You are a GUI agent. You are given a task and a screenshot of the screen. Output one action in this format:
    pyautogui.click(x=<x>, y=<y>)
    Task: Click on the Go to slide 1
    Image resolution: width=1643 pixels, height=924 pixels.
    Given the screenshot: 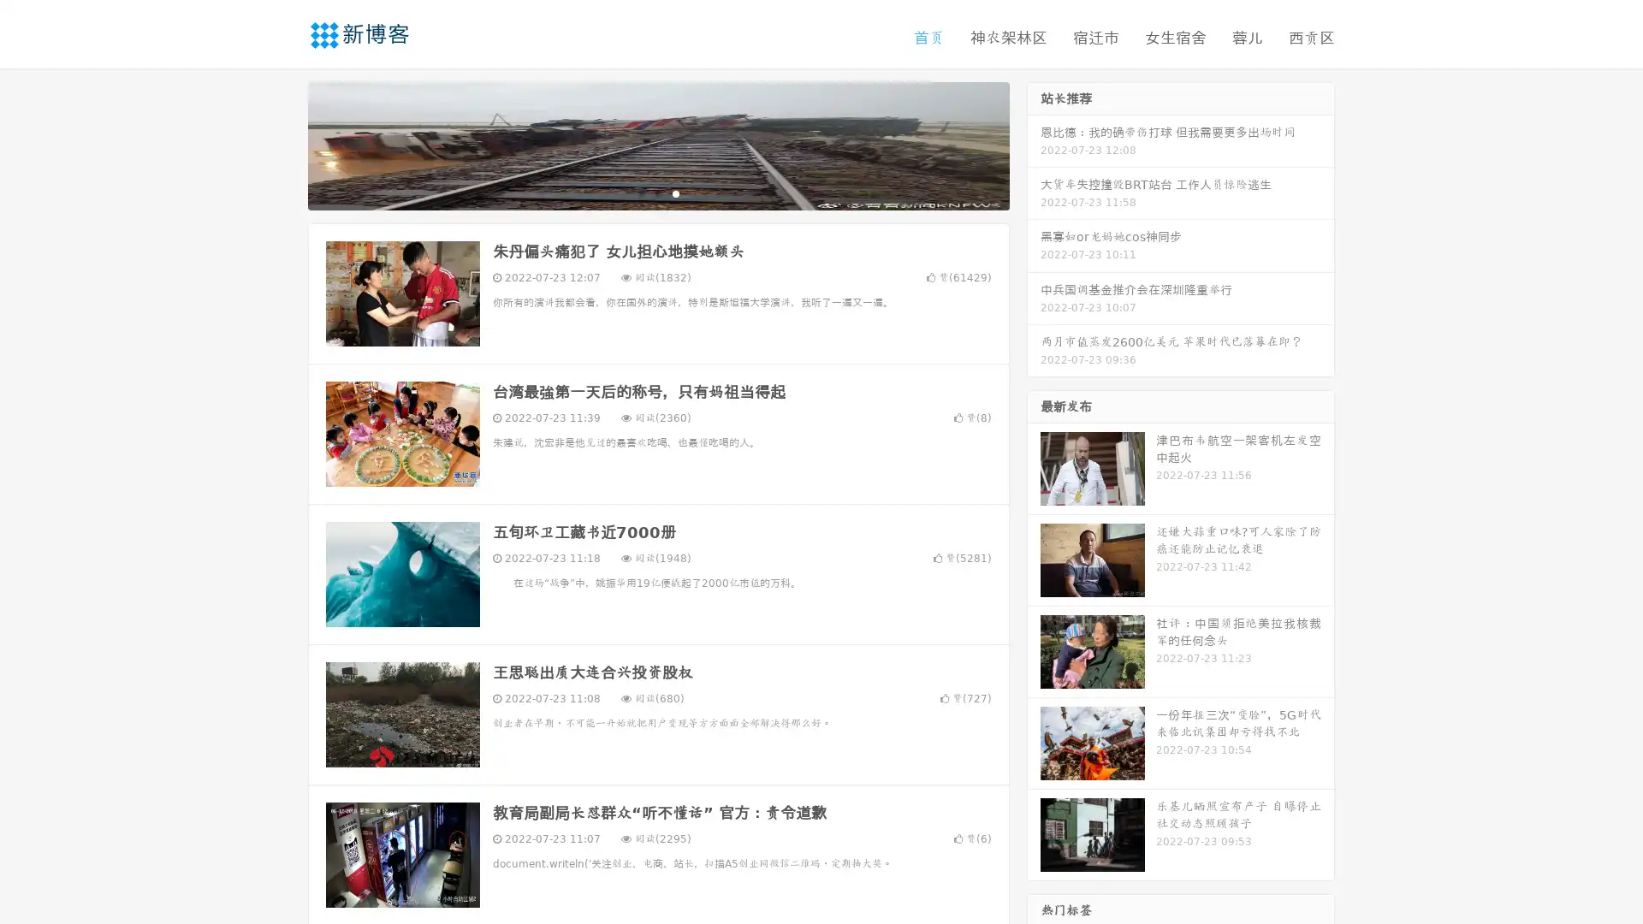 What is the action you would take?
    pyautogui.click(x=640, y=192)
    